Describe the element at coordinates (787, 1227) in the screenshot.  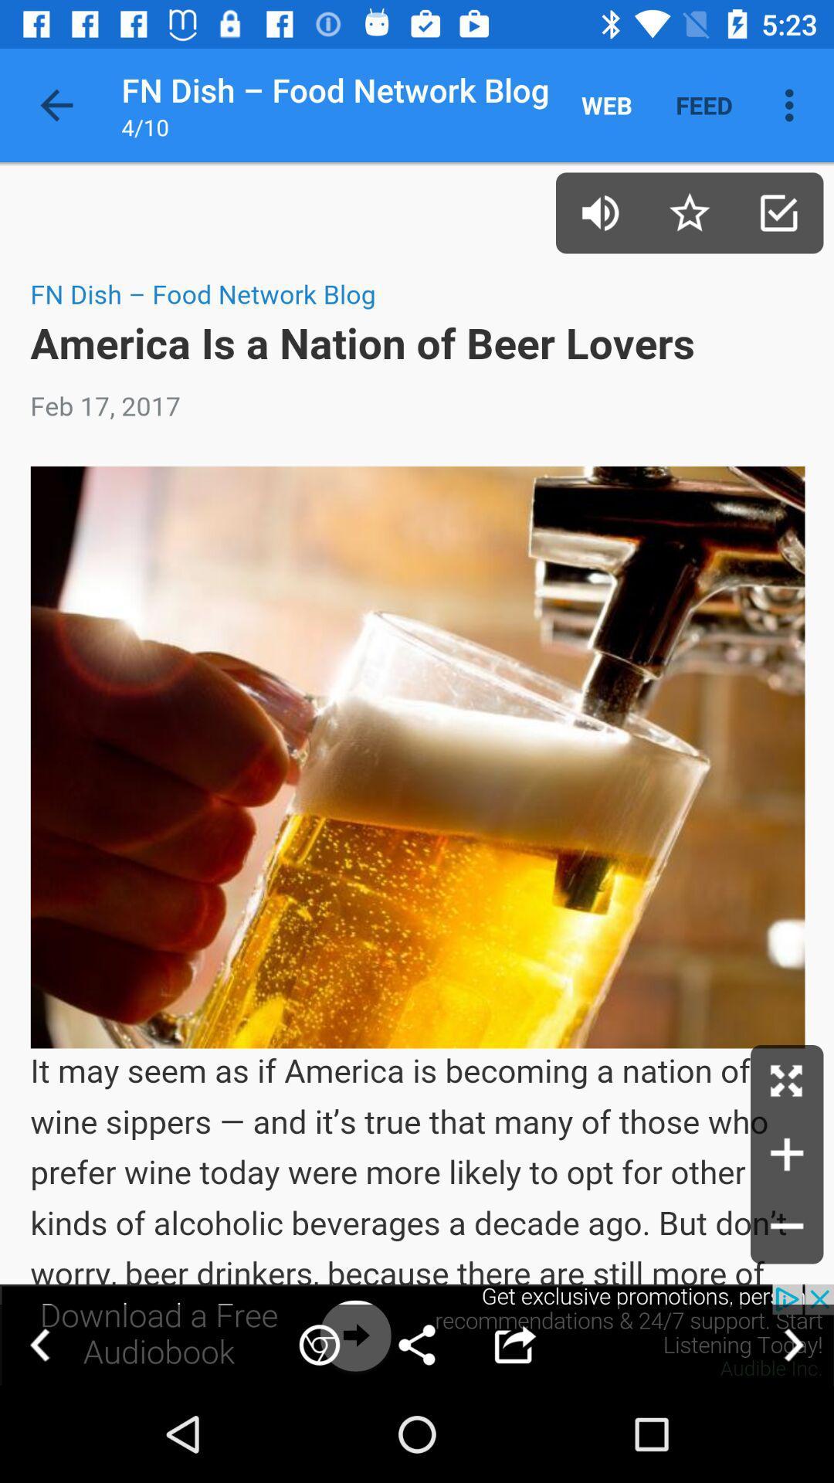
I see `zoom out` at that location.